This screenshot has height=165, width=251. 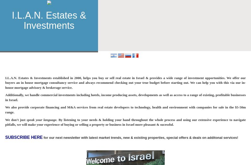 I want to click on '$5-50m range.', so click(x=5, y=109).